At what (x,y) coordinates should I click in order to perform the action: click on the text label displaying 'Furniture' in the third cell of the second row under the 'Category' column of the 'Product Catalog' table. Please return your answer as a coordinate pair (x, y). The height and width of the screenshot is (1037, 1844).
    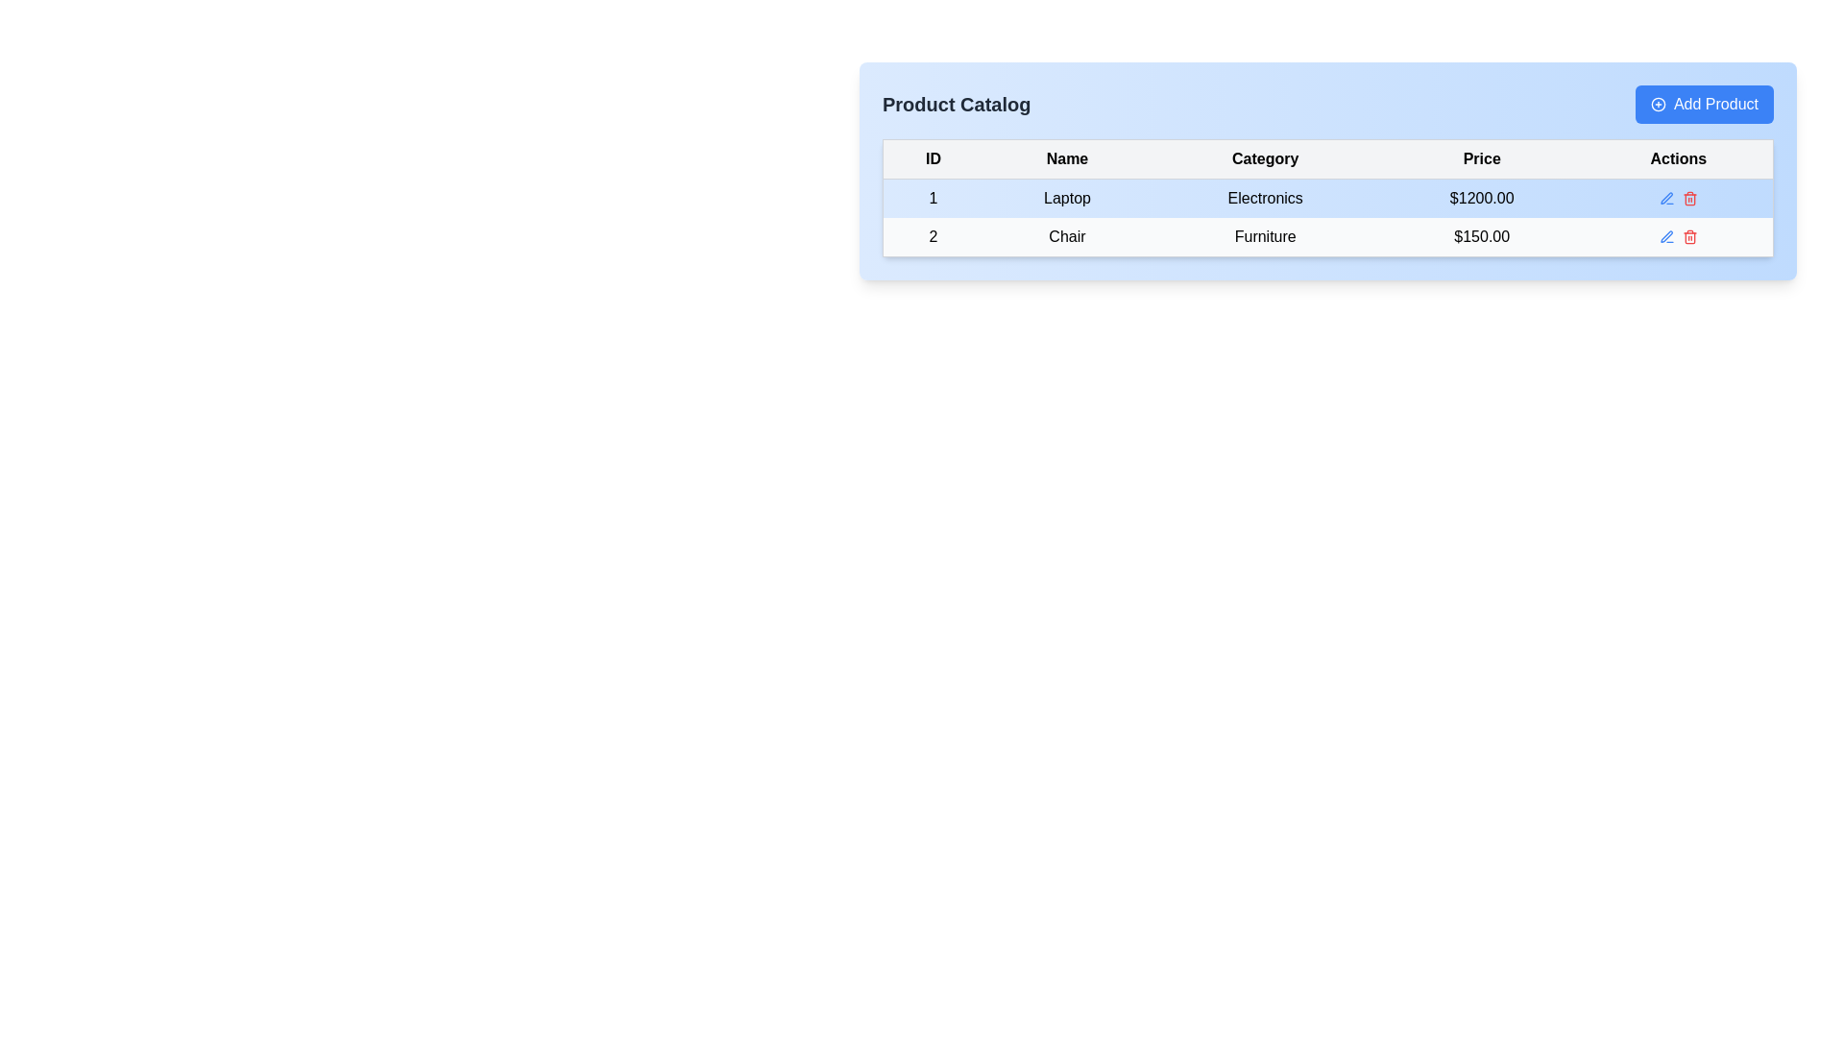
    Looking at the image, I should click on (1265, 236).